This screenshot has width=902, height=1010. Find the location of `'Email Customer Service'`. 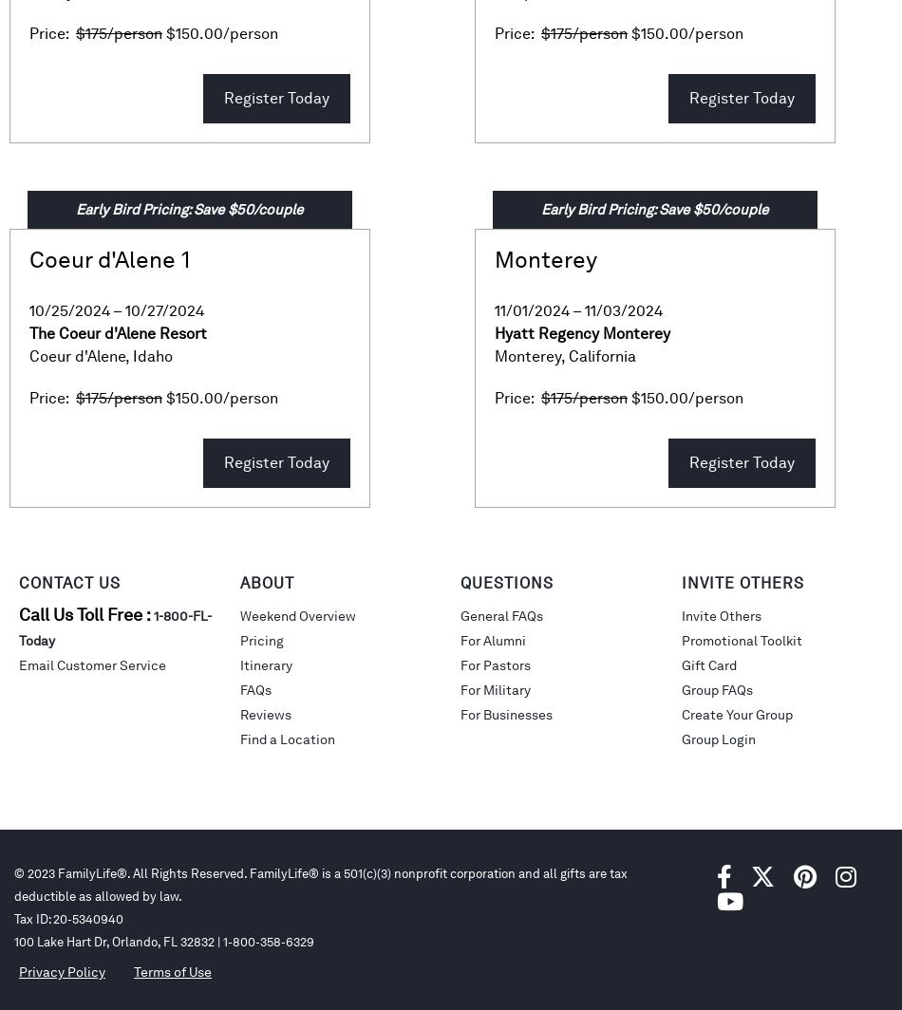

'Email Customer Service' is located at coordinates (19, 665).